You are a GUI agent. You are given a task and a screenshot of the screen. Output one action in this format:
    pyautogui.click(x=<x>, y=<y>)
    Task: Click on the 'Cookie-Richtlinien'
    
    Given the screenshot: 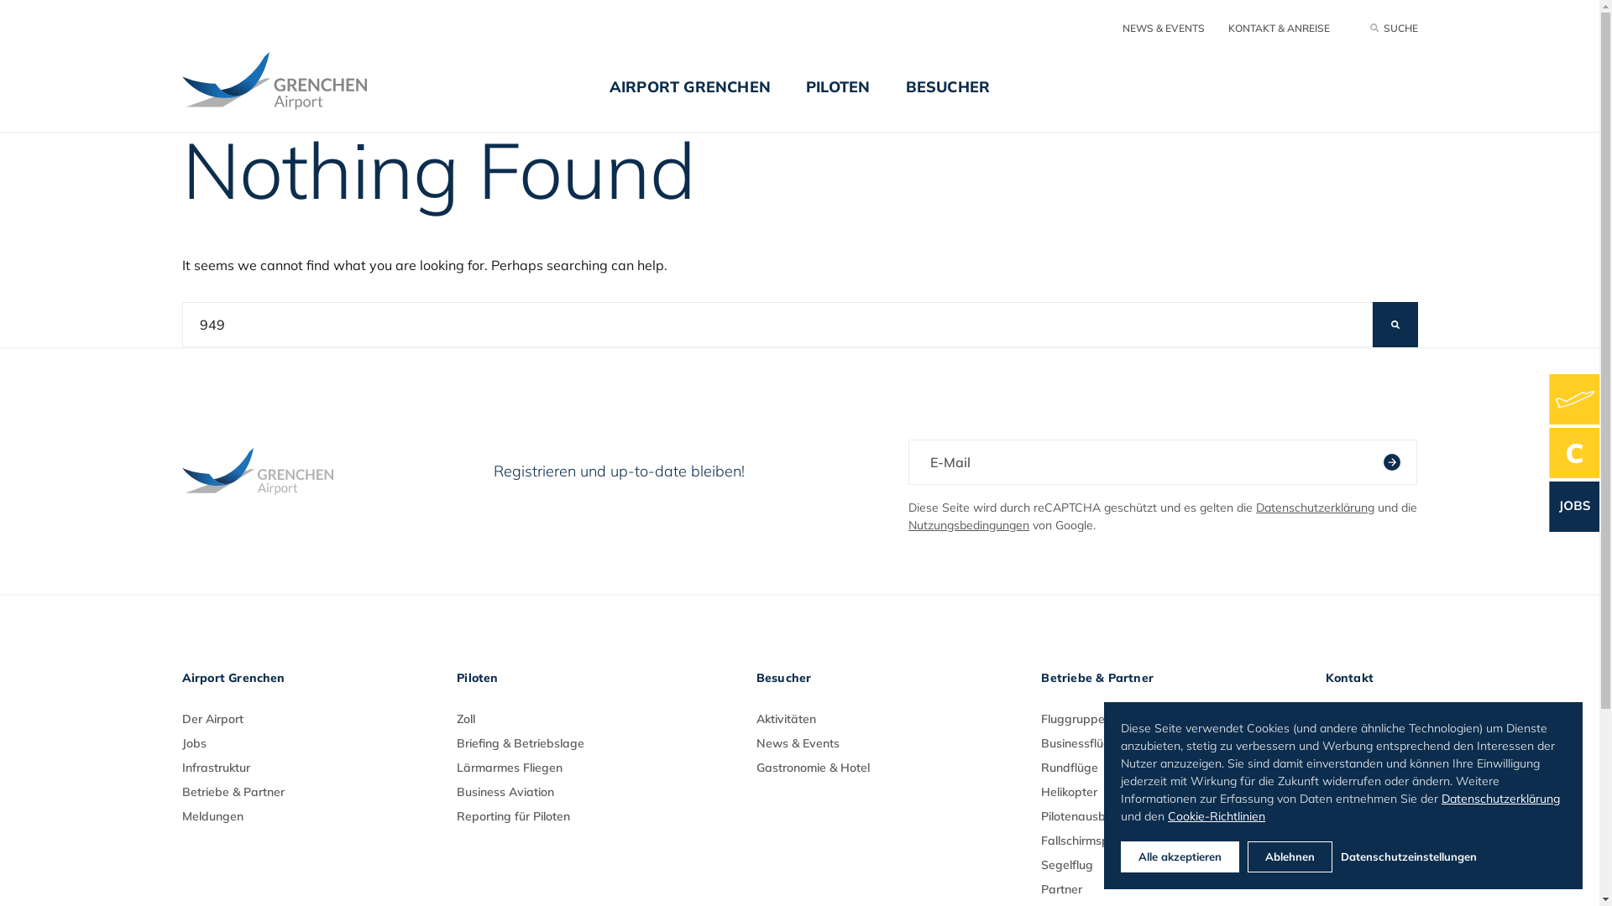 What is the action you would take?
    pyautogui.click(x=1217, y=814)
    